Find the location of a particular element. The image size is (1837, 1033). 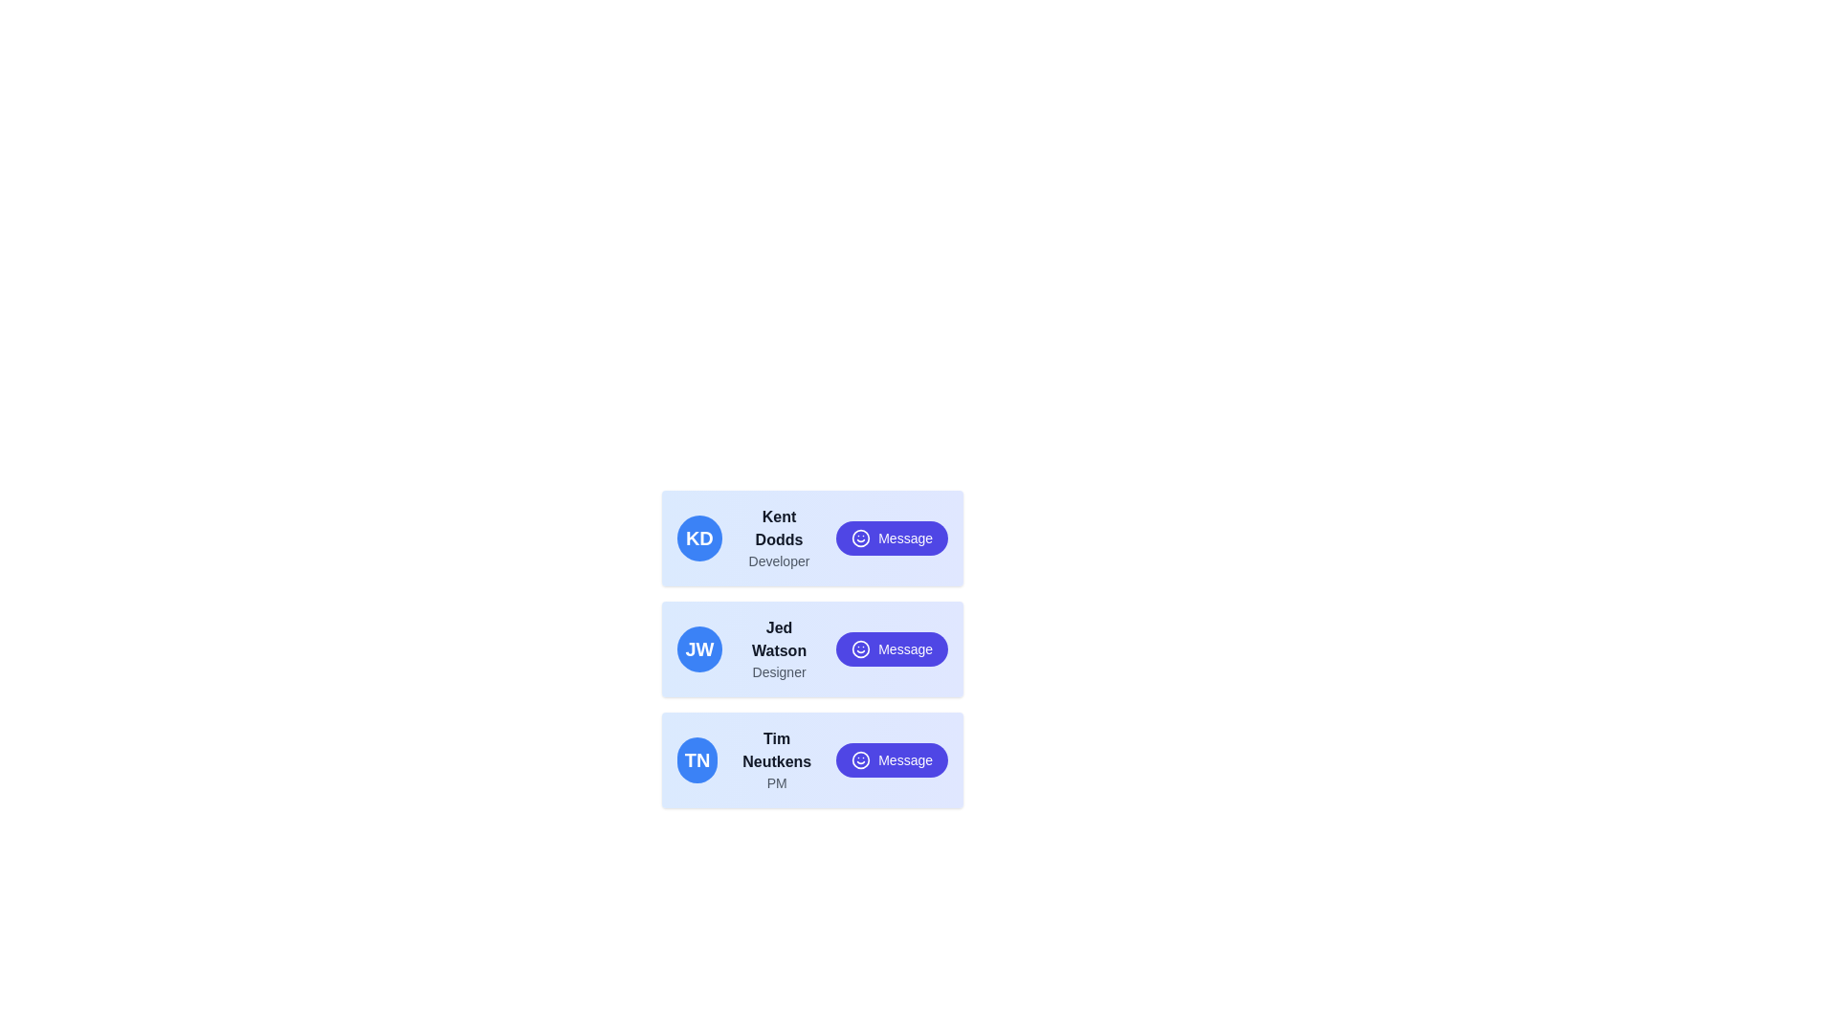

the smiley face icon inside the 'Message' button for 'Jed Watson - Designer', which is positioned to the left of the text 'Message' is located at coordinates (860, 648).